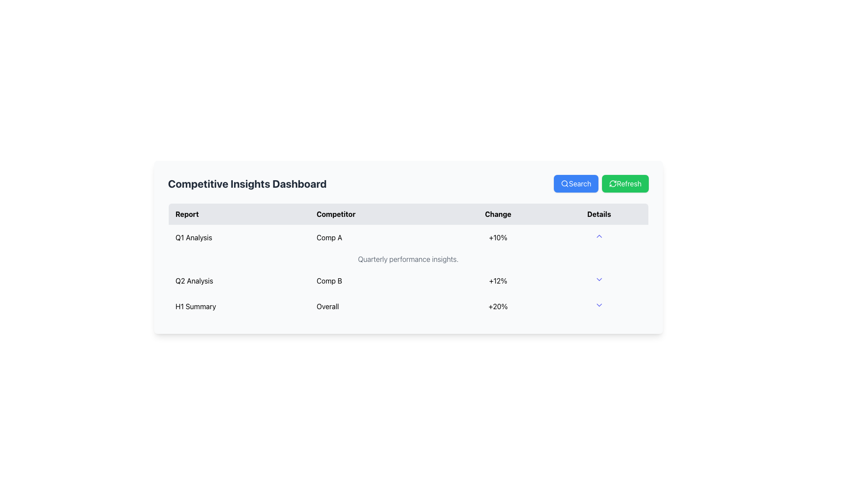 The width and height of the screenshot is (848, 477). Describe the element at coordinates (408, 281) in the screenshot. I see `on the second row of the table displaying Q2 analysis results for 'Comp B'` at that location.